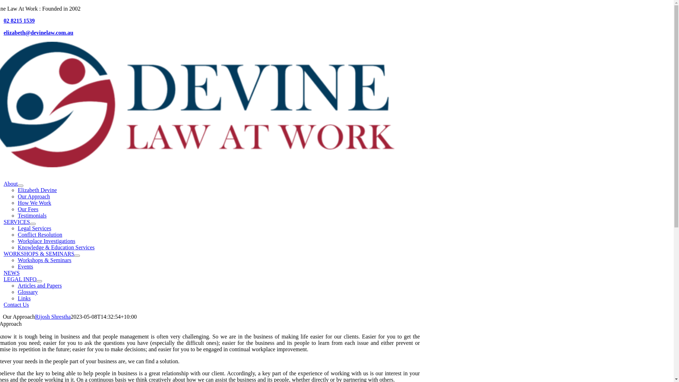 The height and width of the screenshot is (382, 679). What do you see at coordinates (2, 5) in the screenshot?
I see `'Skip to content'` at bounding box center [2, 5].